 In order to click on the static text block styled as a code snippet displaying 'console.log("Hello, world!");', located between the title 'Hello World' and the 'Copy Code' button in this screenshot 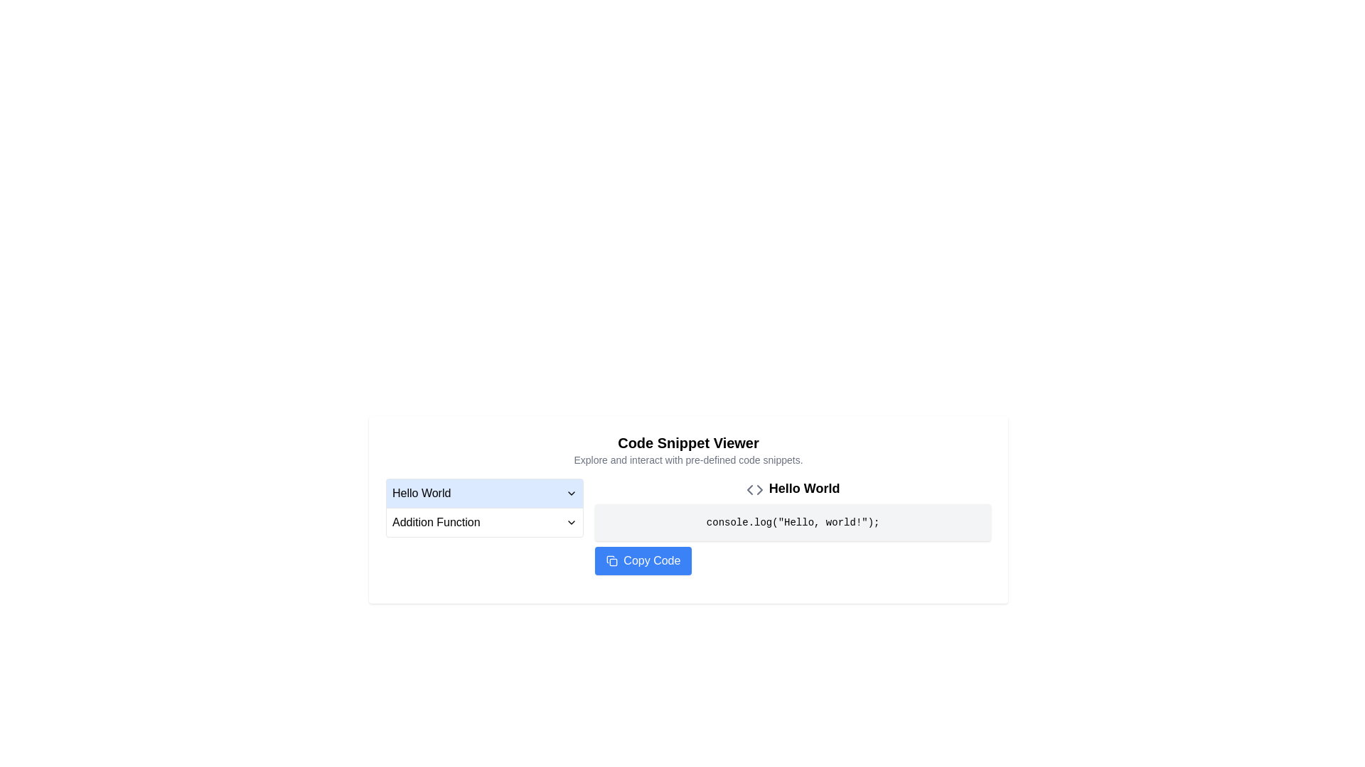, I will do `click(792, 523)`.